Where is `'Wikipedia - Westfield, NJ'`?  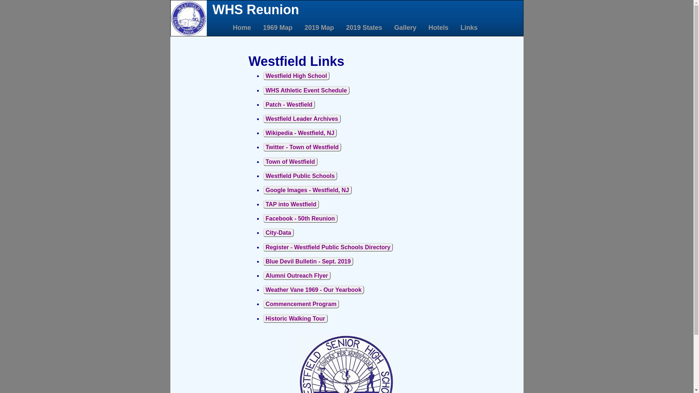 'Wikipedia - Westfield, NJ' is located at coordinates (300, 133).